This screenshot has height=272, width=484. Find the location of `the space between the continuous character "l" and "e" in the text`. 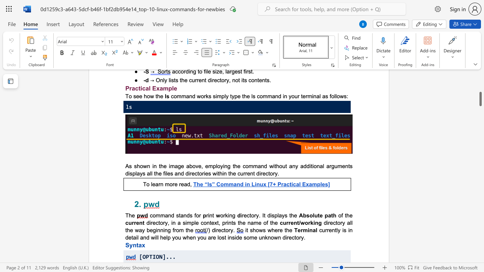

the space between the continuous character "l" and "e" in the text is located at coordinates (152, 184).